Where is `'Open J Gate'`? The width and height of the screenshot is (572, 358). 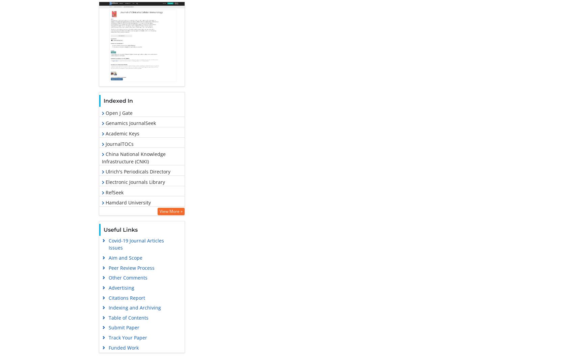 'Open J Gate' is located at coordinates (118, 112).